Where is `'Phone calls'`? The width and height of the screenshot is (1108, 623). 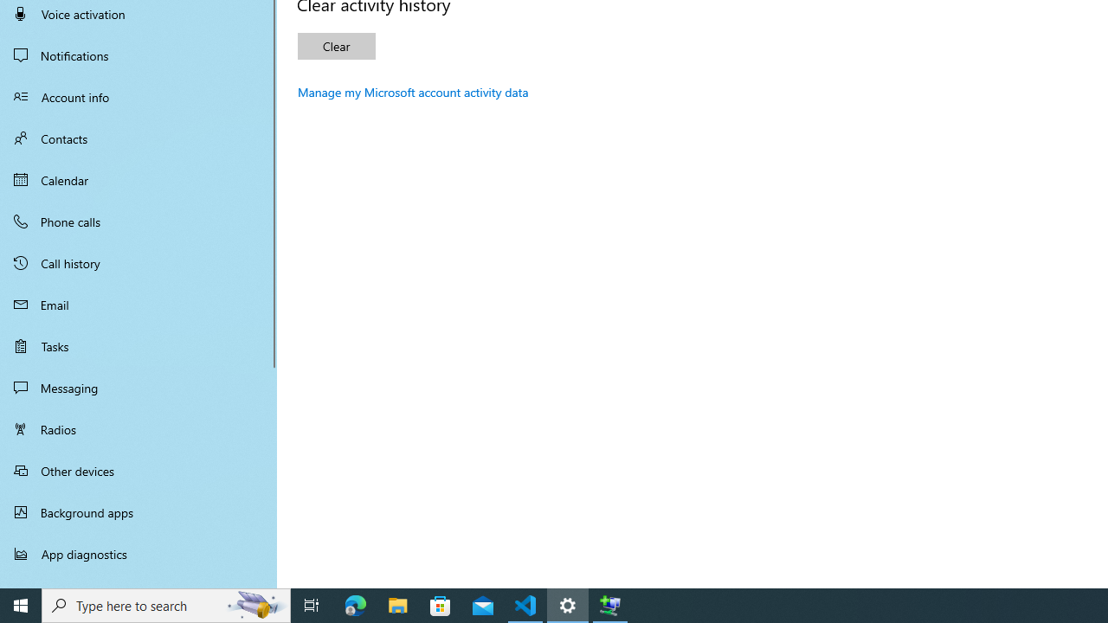 'Phone calls' is located at coordinates (138, 220).